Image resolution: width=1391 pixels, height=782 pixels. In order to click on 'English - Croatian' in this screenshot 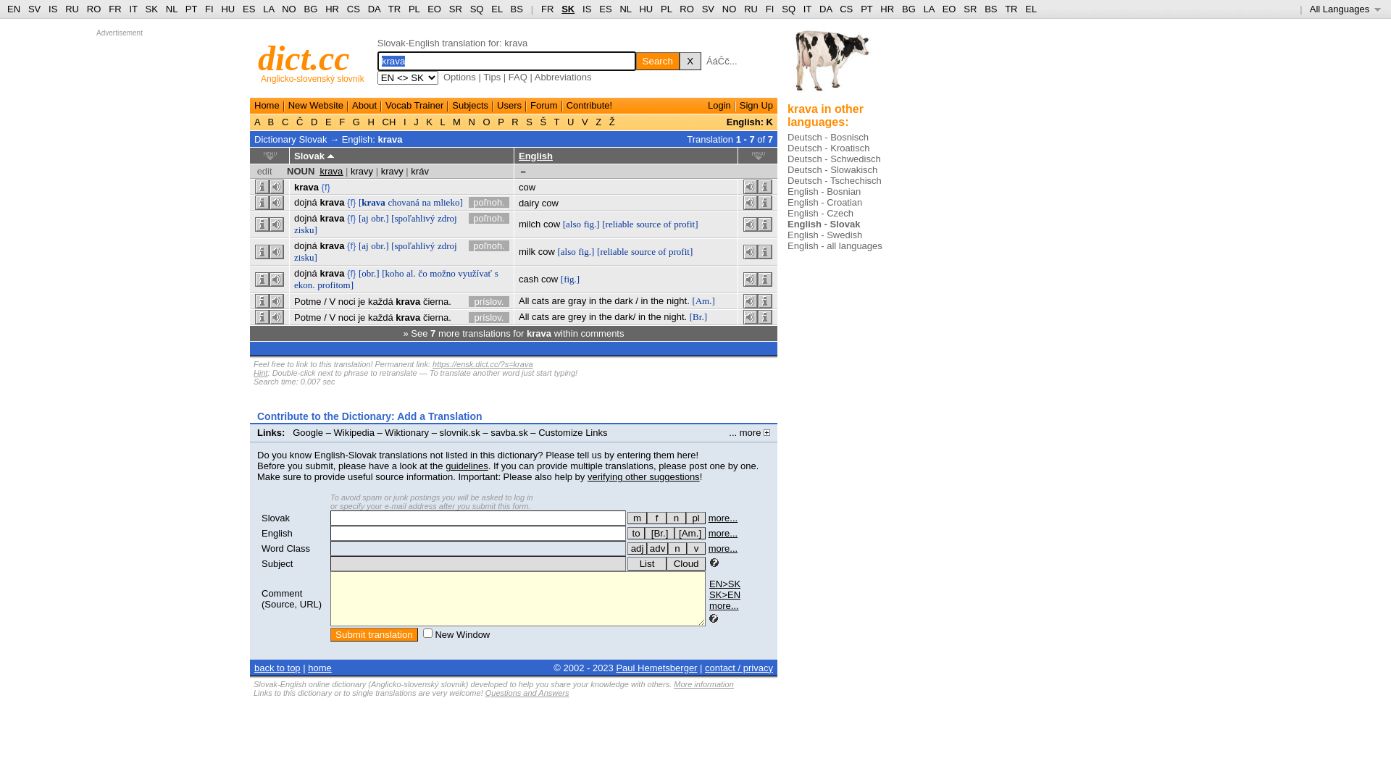, I will do `click(824, 202)`.